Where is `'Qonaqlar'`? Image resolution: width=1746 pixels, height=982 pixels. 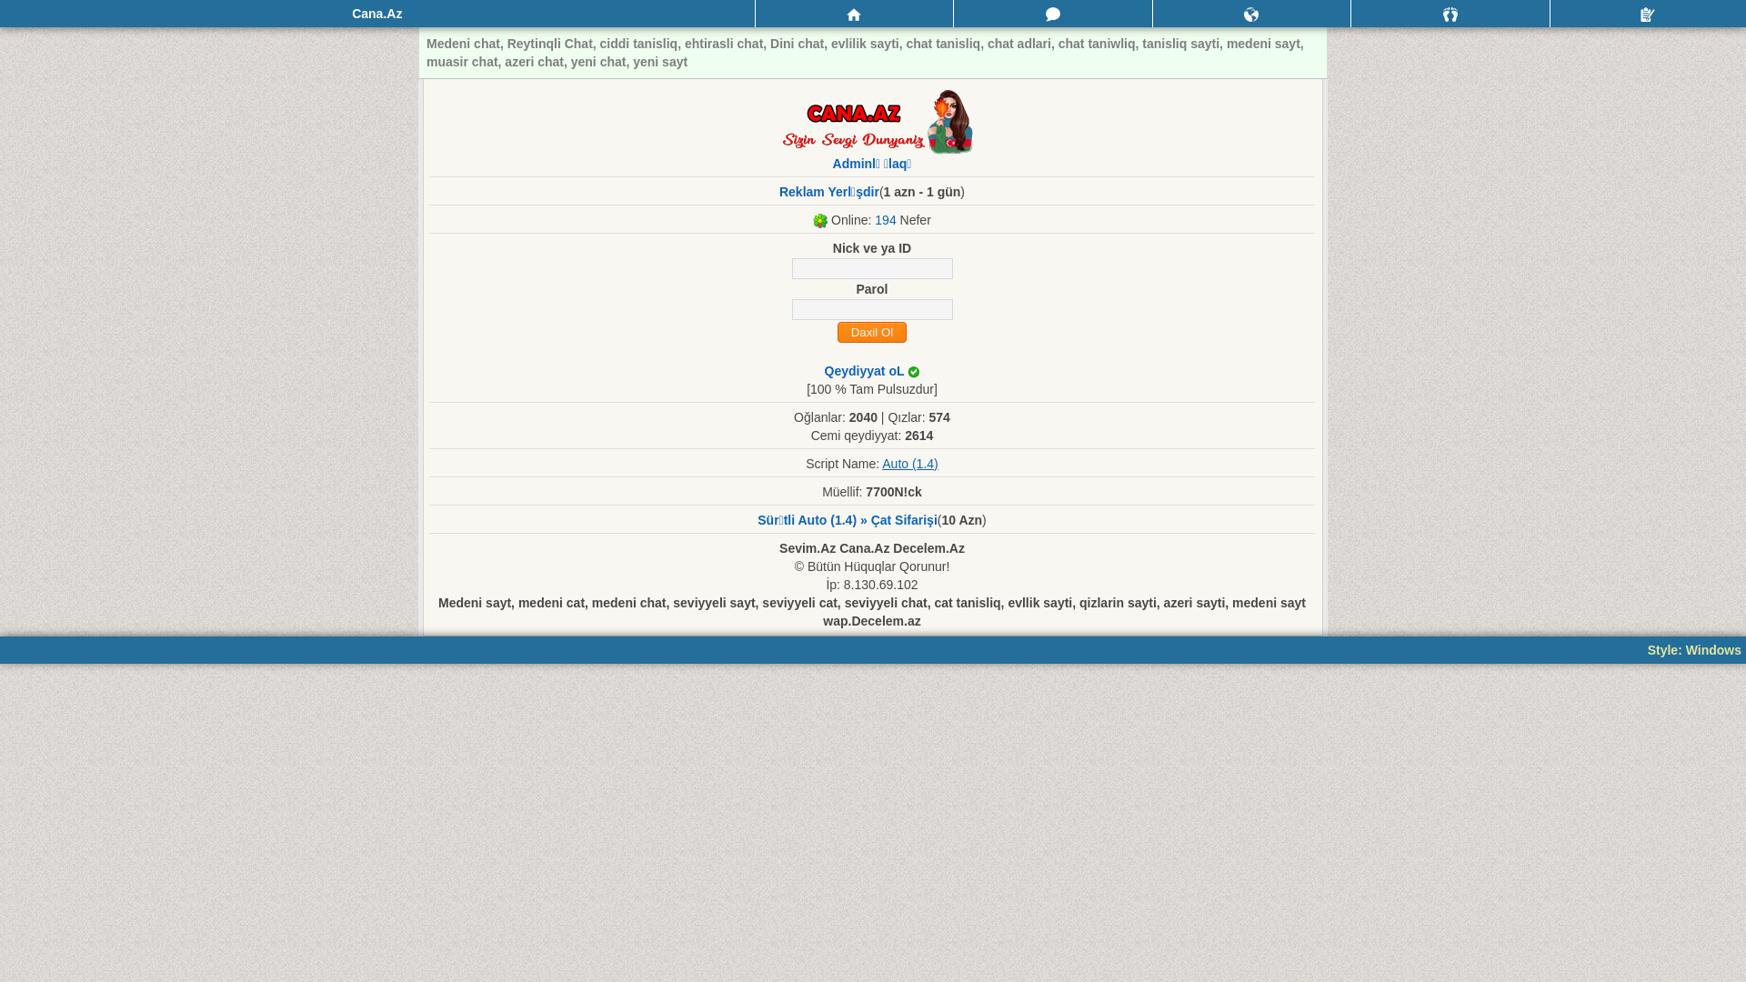
'Qonaqlar' is located at coordinates (1449, 14).